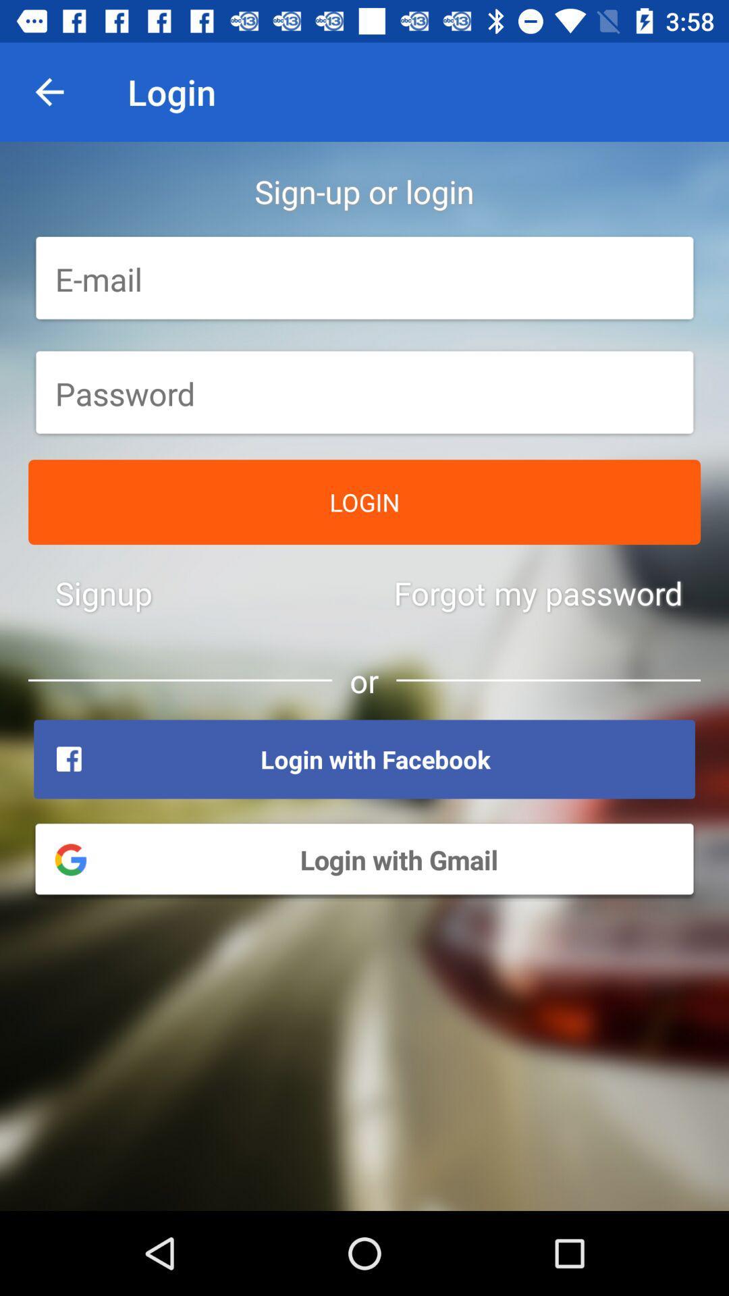 This screenshot has width=729, height=1296. Describe the element at coordinates (103, 593) in the screenshot. I see `the signup` at that location.